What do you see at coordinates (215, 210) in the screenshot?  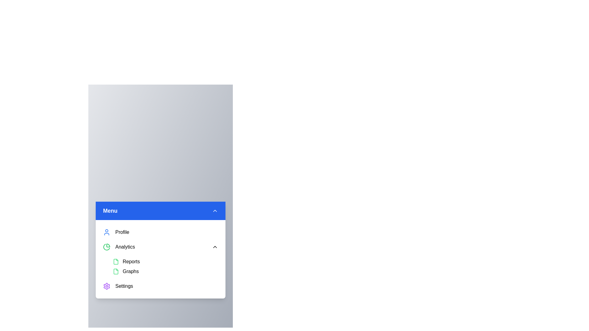 I see `the toggle button represented by an up-chevron located` at bounding box center [215, 210].